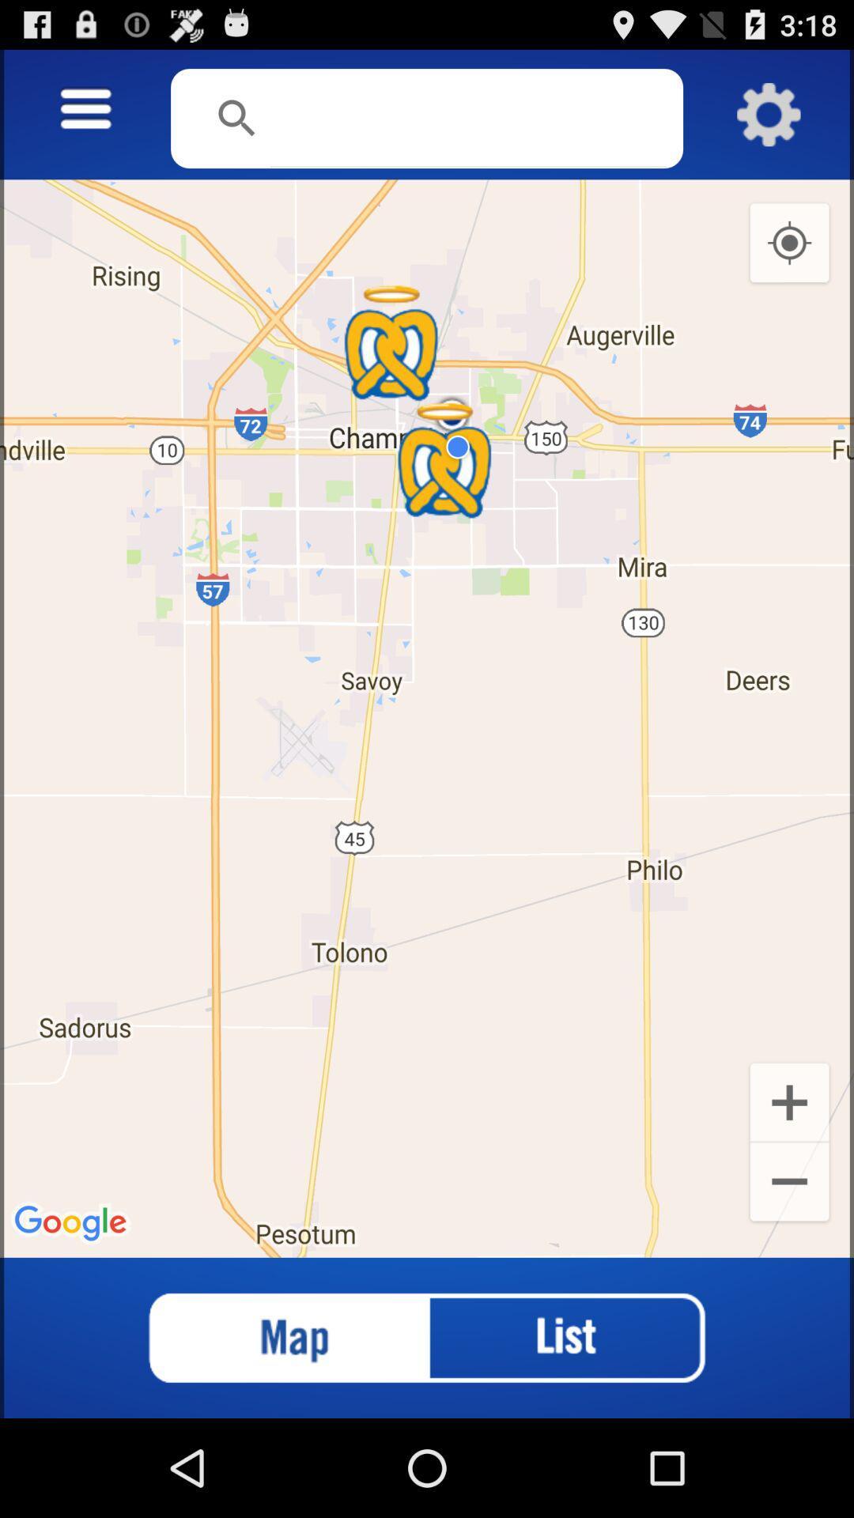 The height and width of the screenshot is (1518, 854). What do you see at coordinates (789, 261) in the screenshot?
I see `the location_crosshair icon` at bounding box center [789, 261].